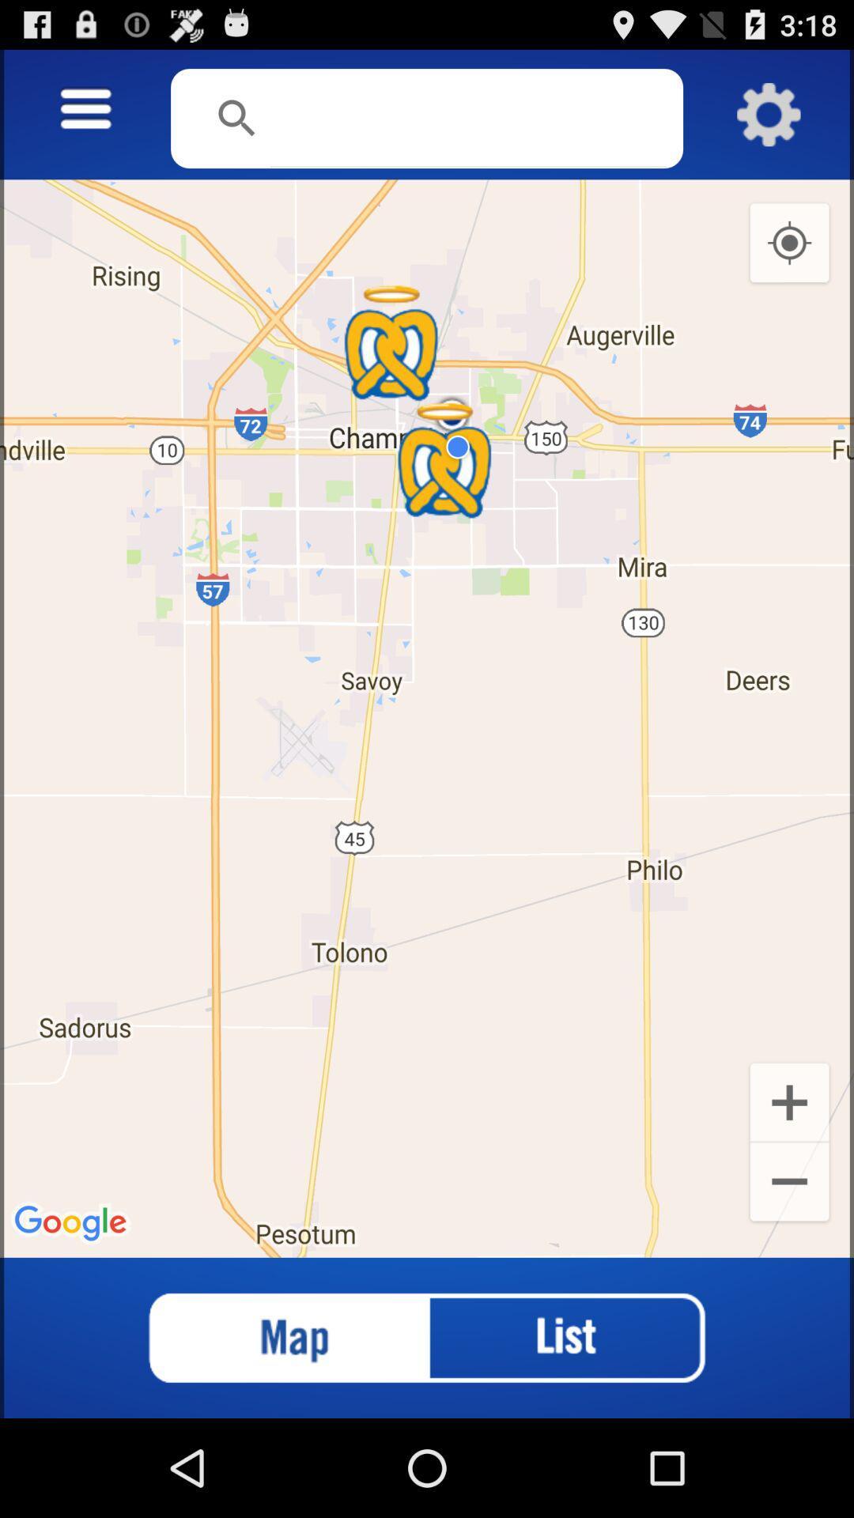 The height and width of the screenshot is (1518, 854). What do you see at coordinates (789, 261) in the screenshot?
I see `the location_crosshair icon` at bounding box center [789, 261].